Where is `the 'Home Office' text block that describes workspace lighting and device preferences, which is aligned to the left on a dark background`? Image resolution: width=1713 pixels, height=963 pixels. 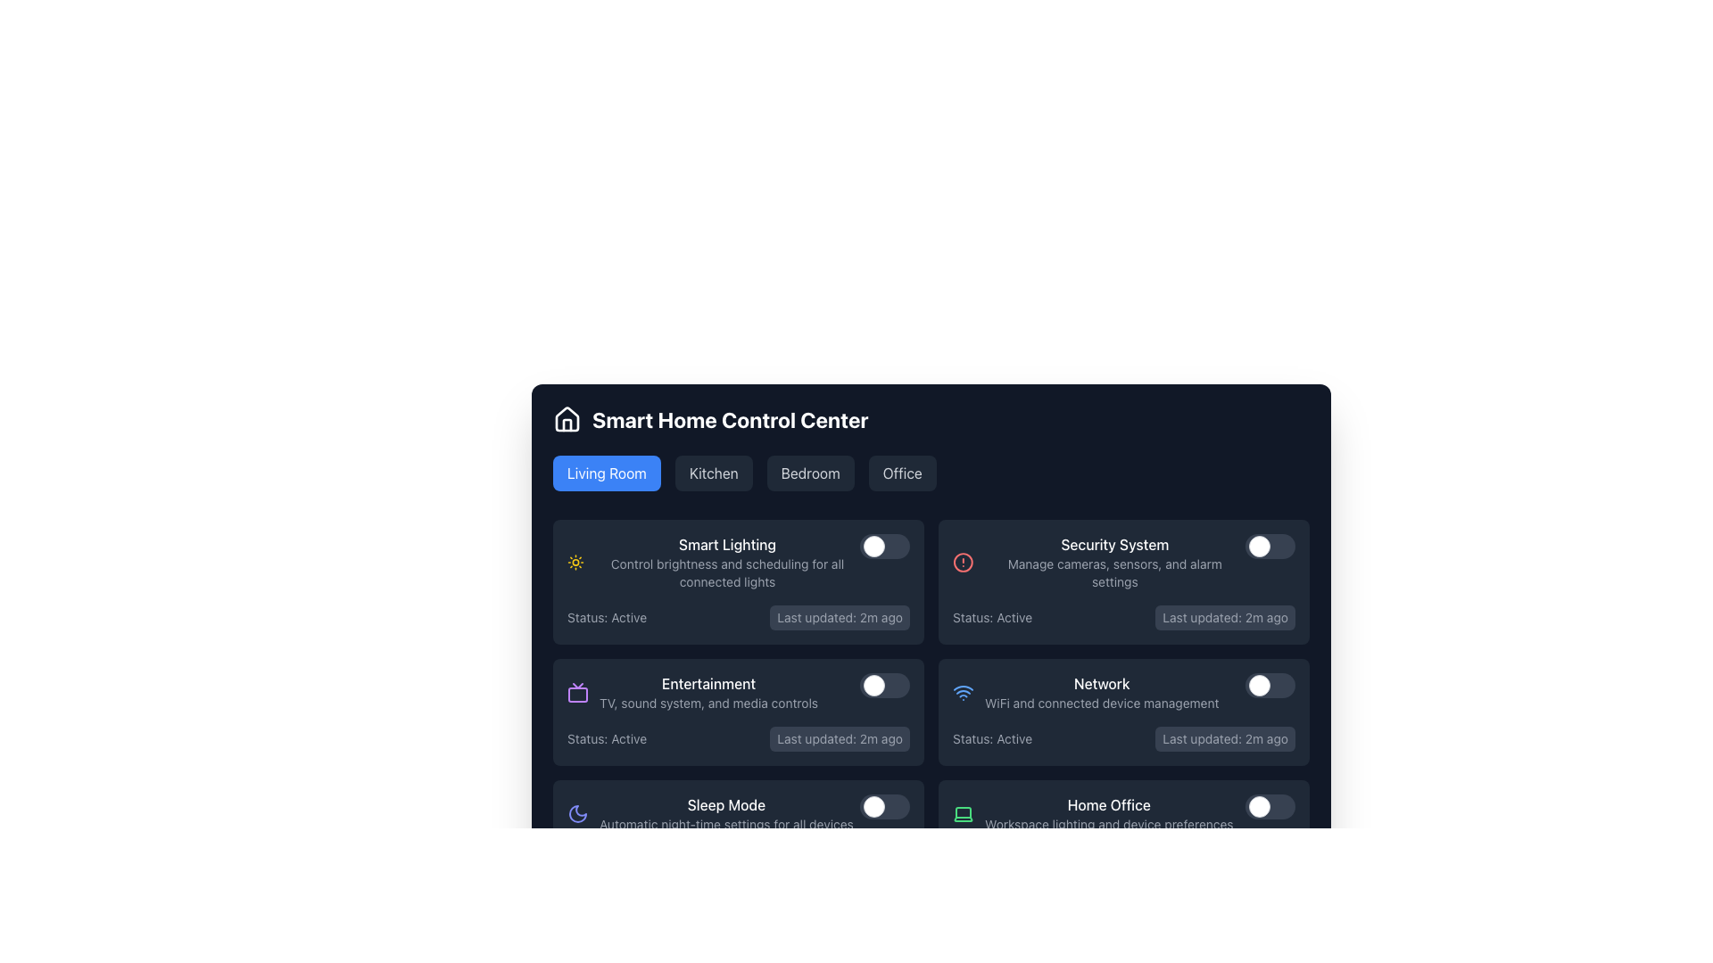 the 'Home Office' text block that describes workspace lighting and device preferences, which is aligned to the left on a dark background is located at coordinates (1108, 814).